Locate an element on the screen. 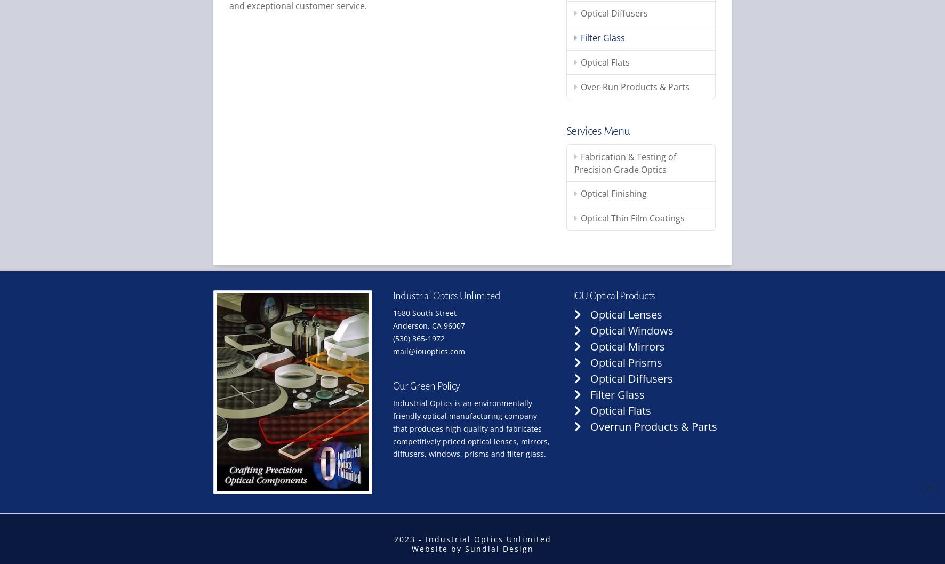  'Industrial Optics Unlimited' is located at coordinates (446, 295).